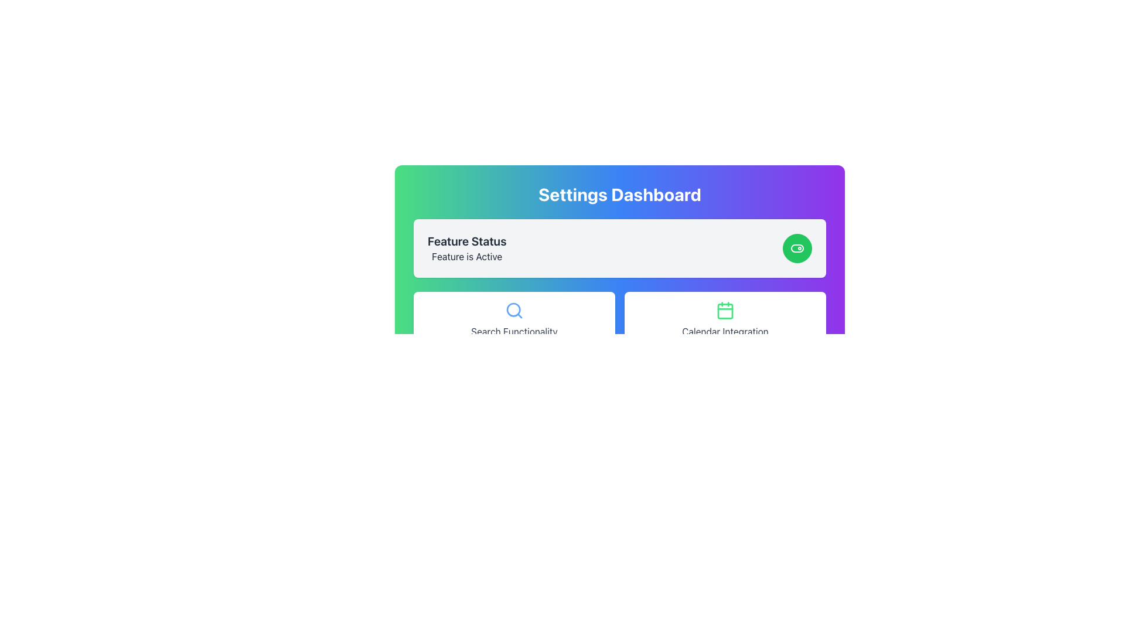  I want to click on text label that serves as the header for the feature status section, indicating that the feature is active, so click(466, 241).